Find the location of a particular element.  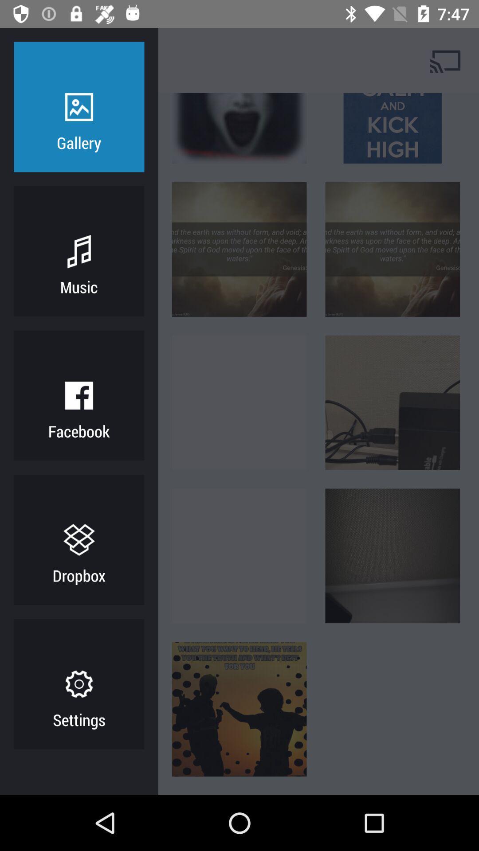

cast is located at coordinates (446, 60).